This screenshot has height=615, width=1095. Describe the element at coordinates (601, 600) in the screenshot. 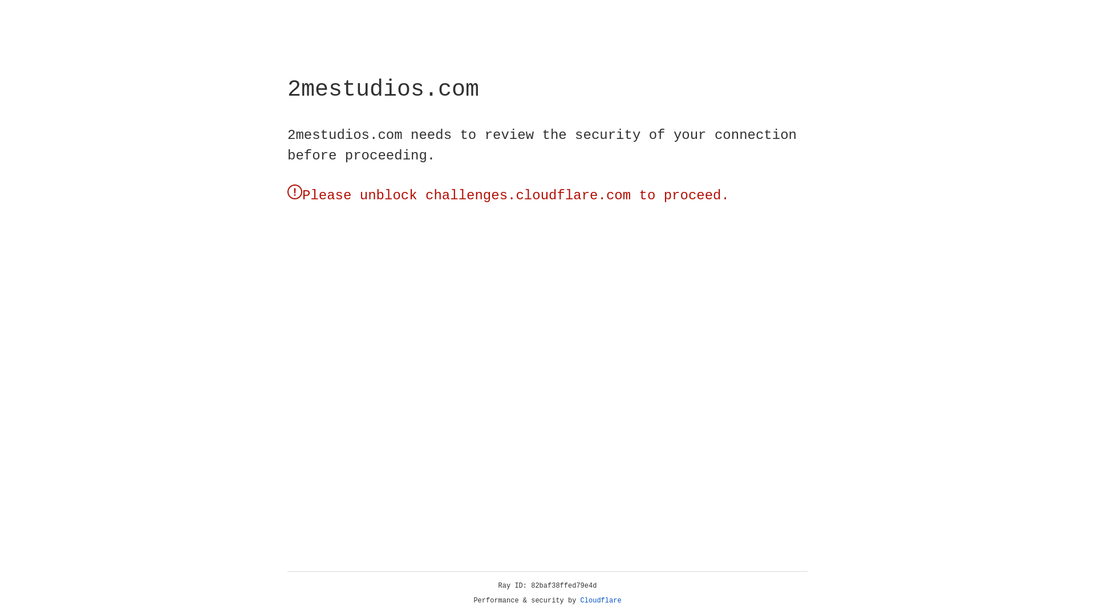

I see `'Cloudflare'` at that location.